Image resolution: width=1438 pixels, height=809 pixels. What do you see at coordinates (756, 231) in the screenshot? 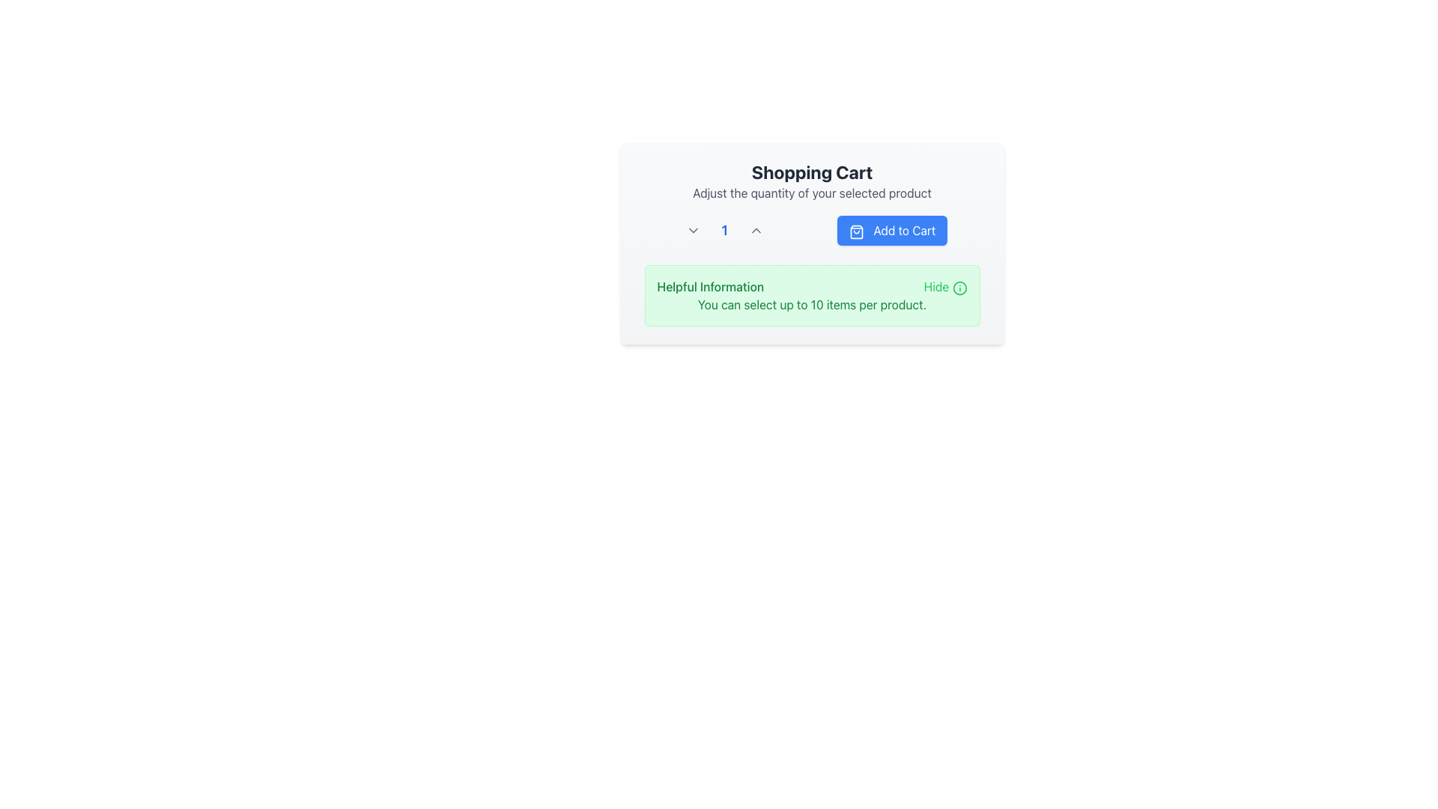
I see `the increment button located to the right of the quantity display to increase the quantity of the selected product` at bounding box center [756, 231].